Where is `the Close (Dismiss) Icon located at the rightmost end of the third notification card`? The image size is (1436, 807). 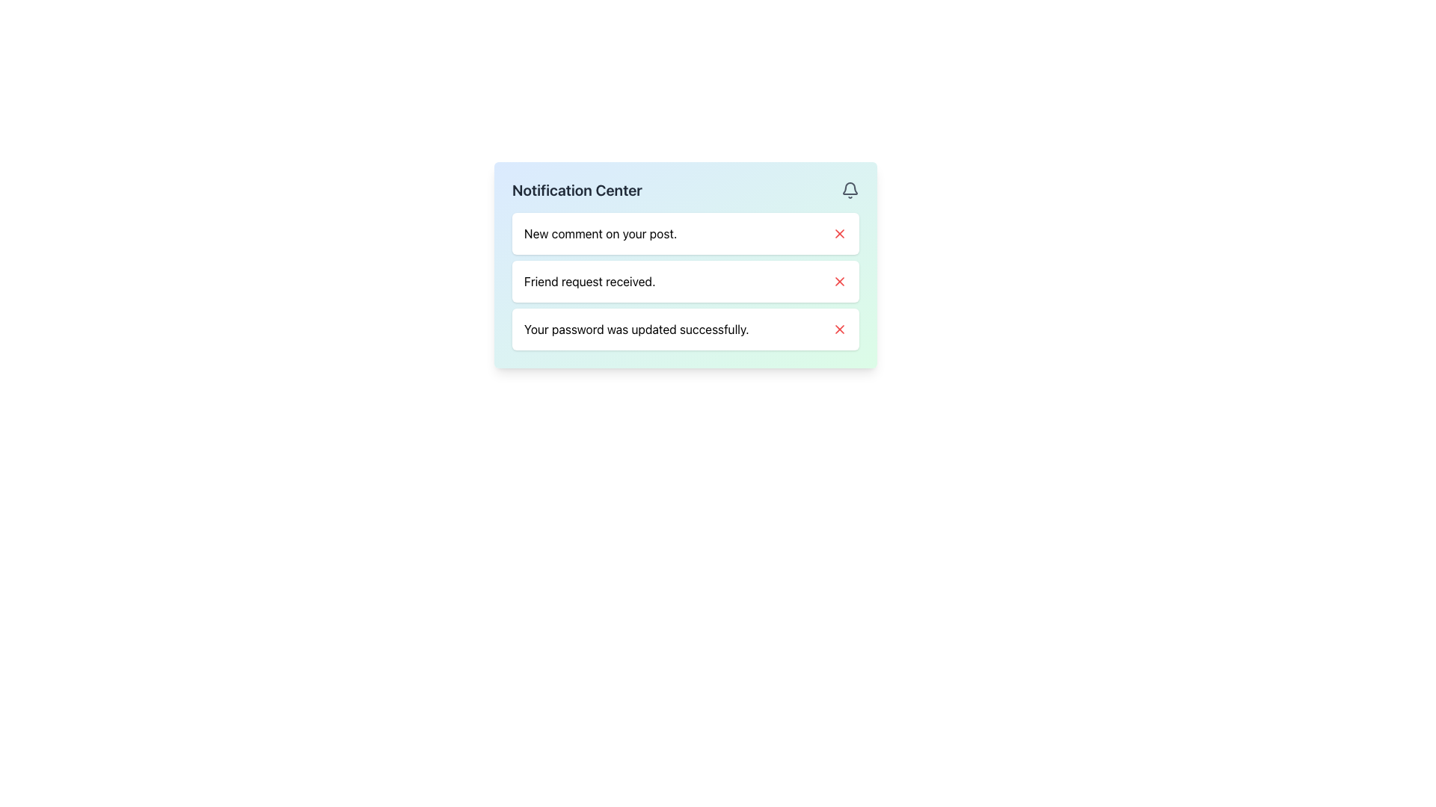 the Close (Dismiss) Icon located at the rightmost end of the third notification card is located at coordinates (840, 328).